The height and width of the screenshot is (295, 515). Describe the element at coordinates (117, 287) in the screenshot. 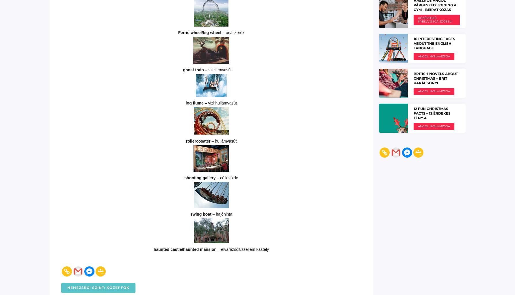

I see `'középfok'` at that location.